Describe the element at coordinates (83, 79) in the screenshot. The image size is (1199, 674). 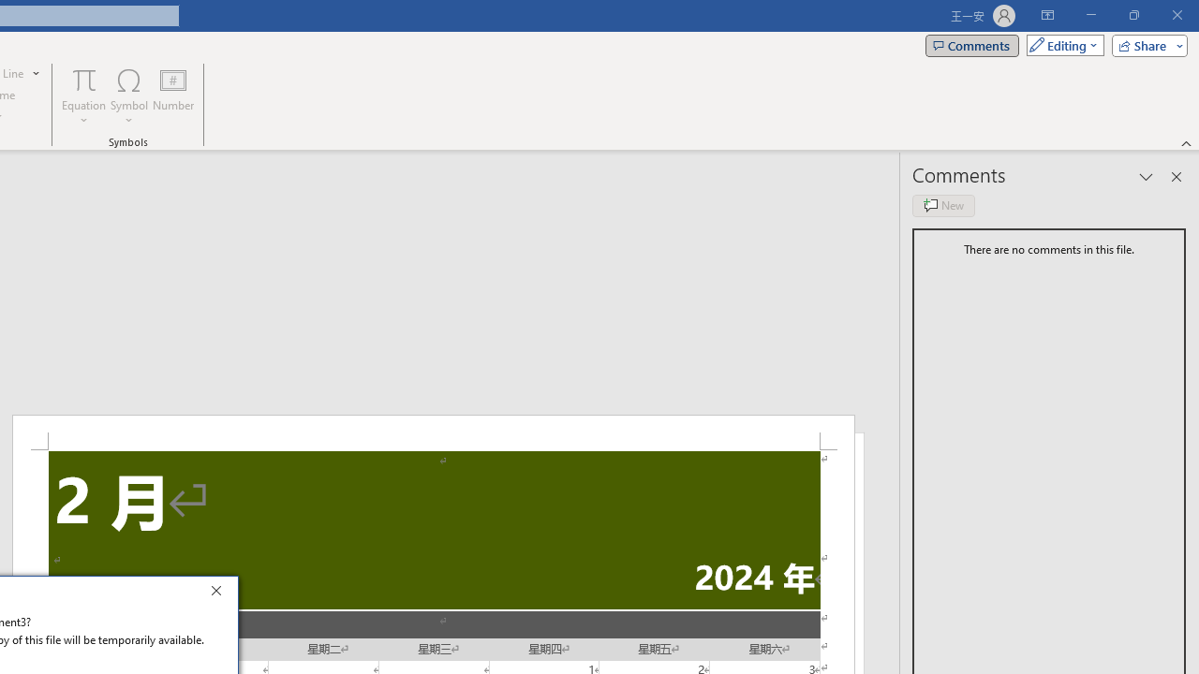
I see `'Equation'` at that location.